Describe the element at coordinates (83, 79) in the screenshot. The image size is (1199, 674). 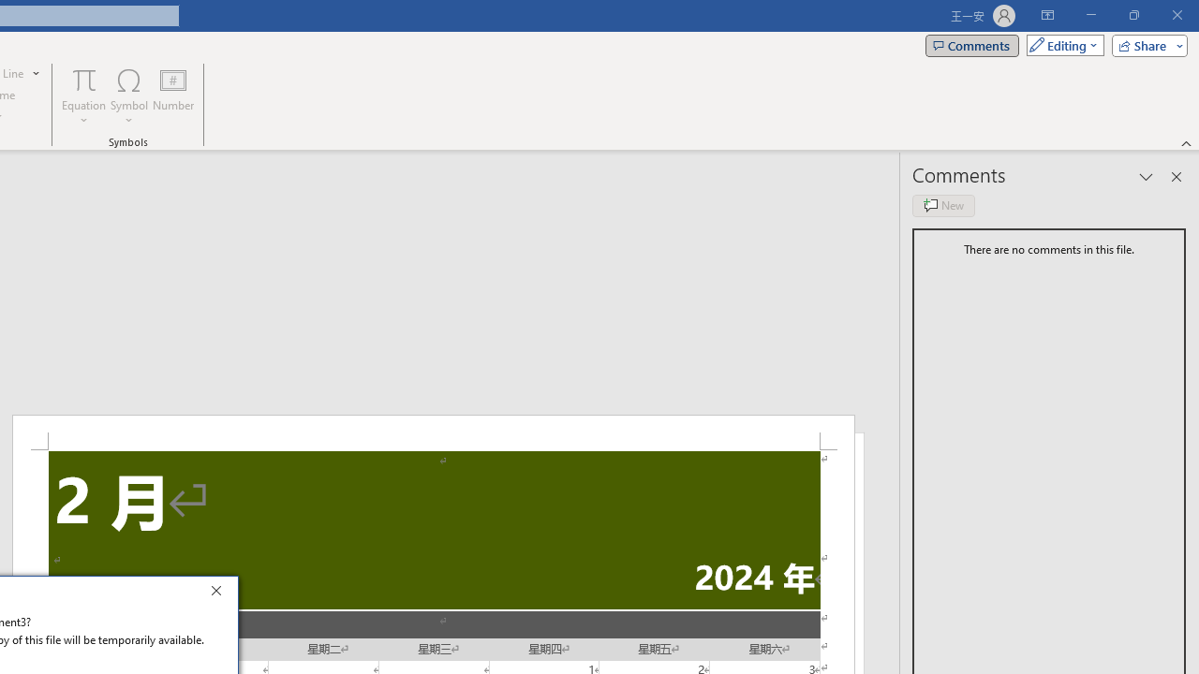
I see `'Equation'` at that location.